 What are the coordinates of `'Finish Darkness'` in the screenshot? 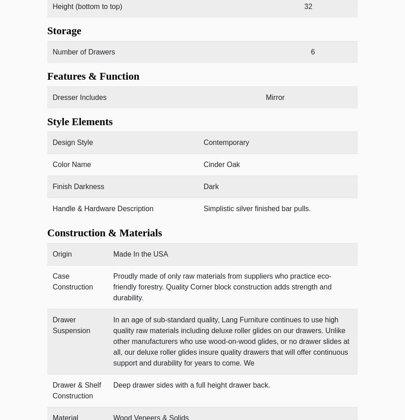 It's located at (78, 186).